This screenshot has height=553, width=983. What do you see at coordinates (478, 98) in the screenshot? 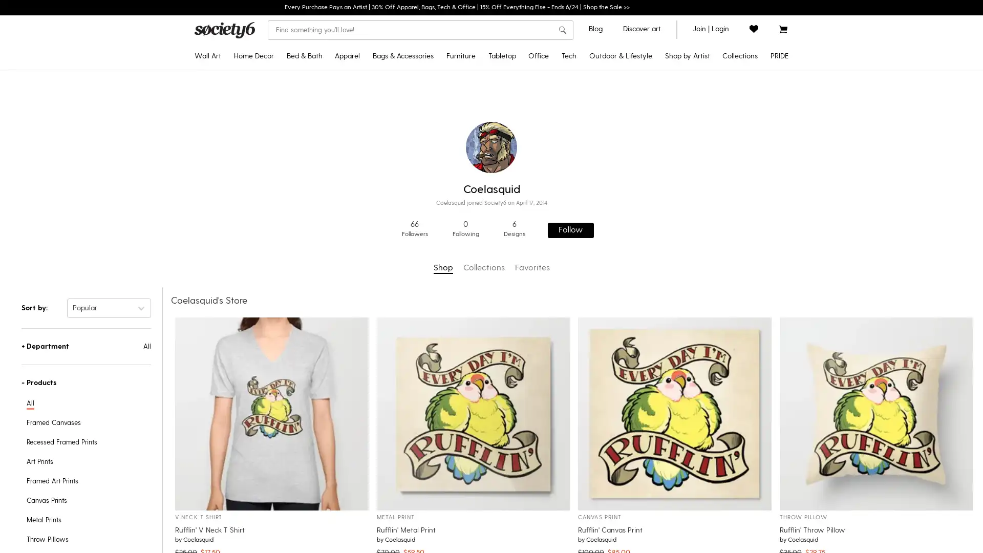
I see `Benches` at bounding box center [478, 98].